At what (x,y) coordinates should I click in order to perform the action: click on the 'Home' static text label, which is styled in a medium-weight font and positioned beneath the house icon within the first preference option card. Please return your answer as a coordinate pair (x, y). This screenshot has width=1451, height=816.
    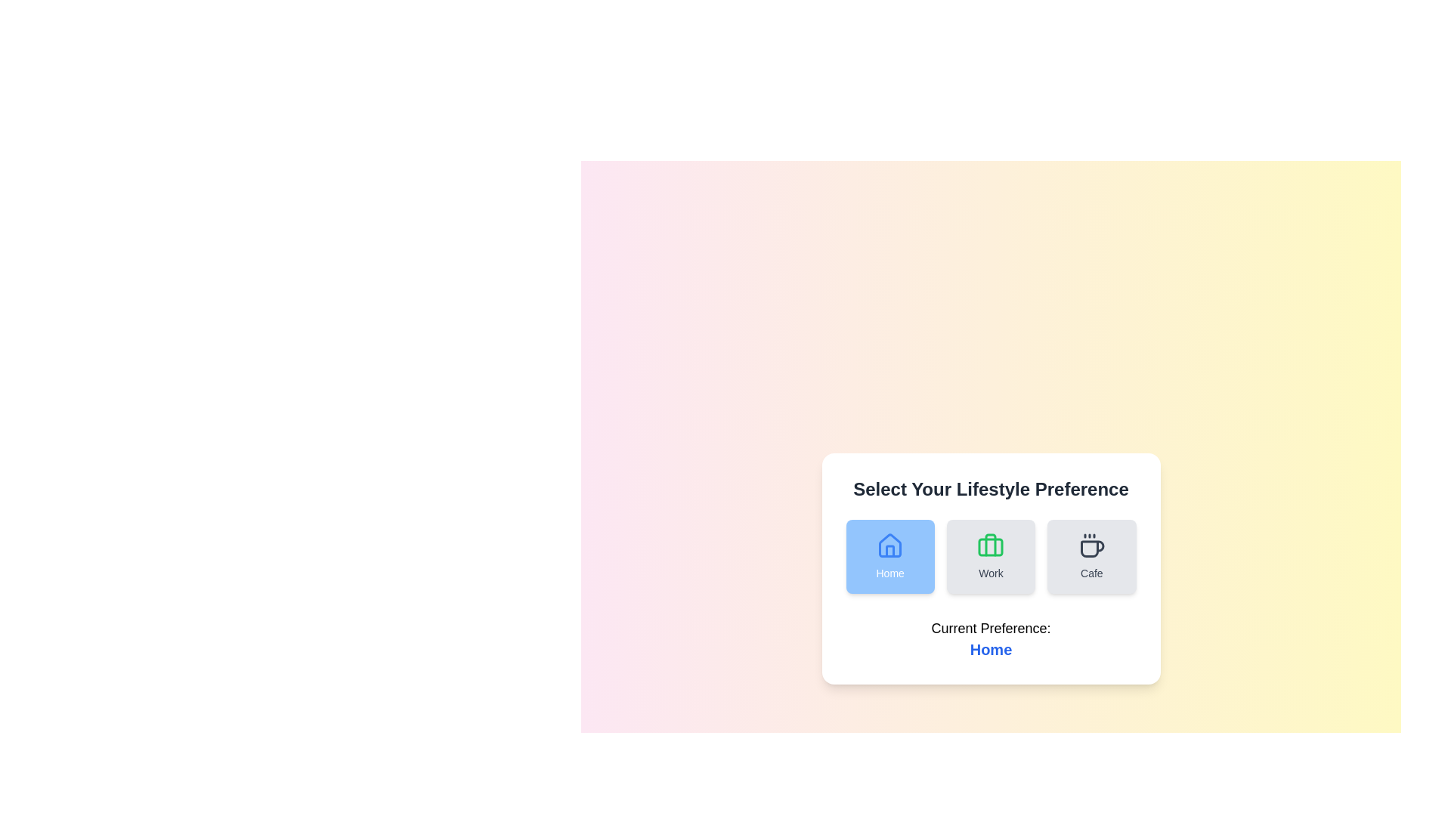
    Looking at the image, I should click on (890, 573).